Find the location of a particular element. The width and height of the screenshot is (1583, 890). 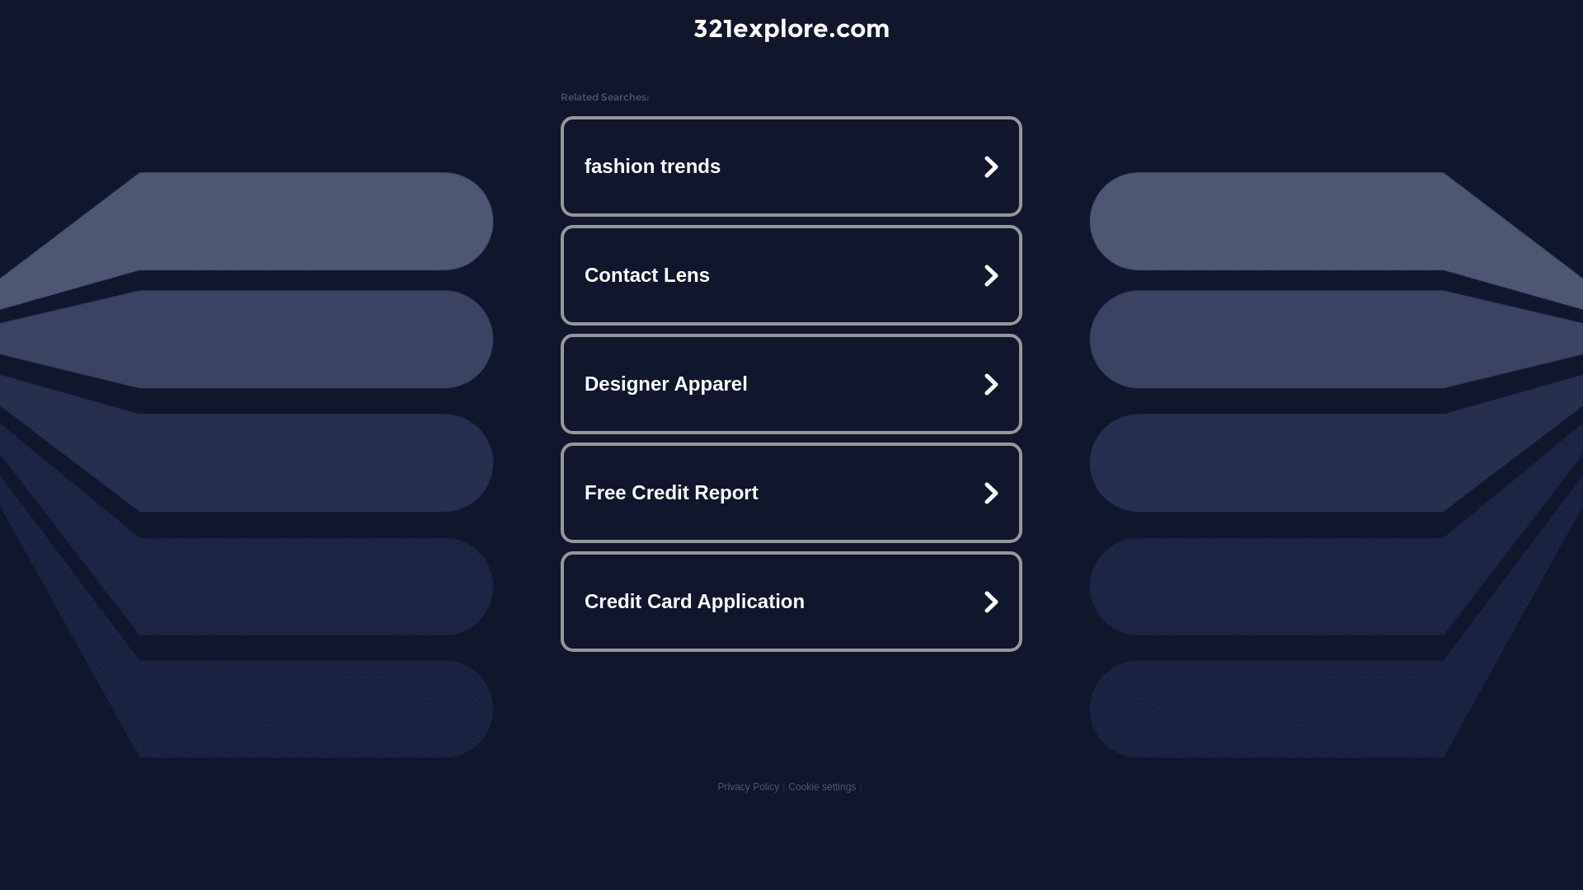

'Privacy Policy' is located at coordinates (747, 786).